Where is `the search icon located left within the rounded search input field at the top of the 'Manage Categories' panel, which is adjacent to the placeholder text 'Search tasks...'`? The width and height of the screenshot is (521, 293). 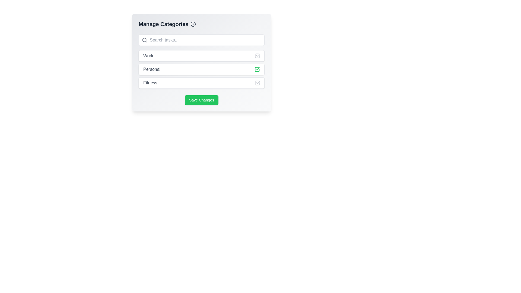 the search icon located left within the rounded search input field at the top of the 'Manage Categories' panel, which is adjacent to the placeholder text 'Search tasks...' is located at coordinates (144, 40).